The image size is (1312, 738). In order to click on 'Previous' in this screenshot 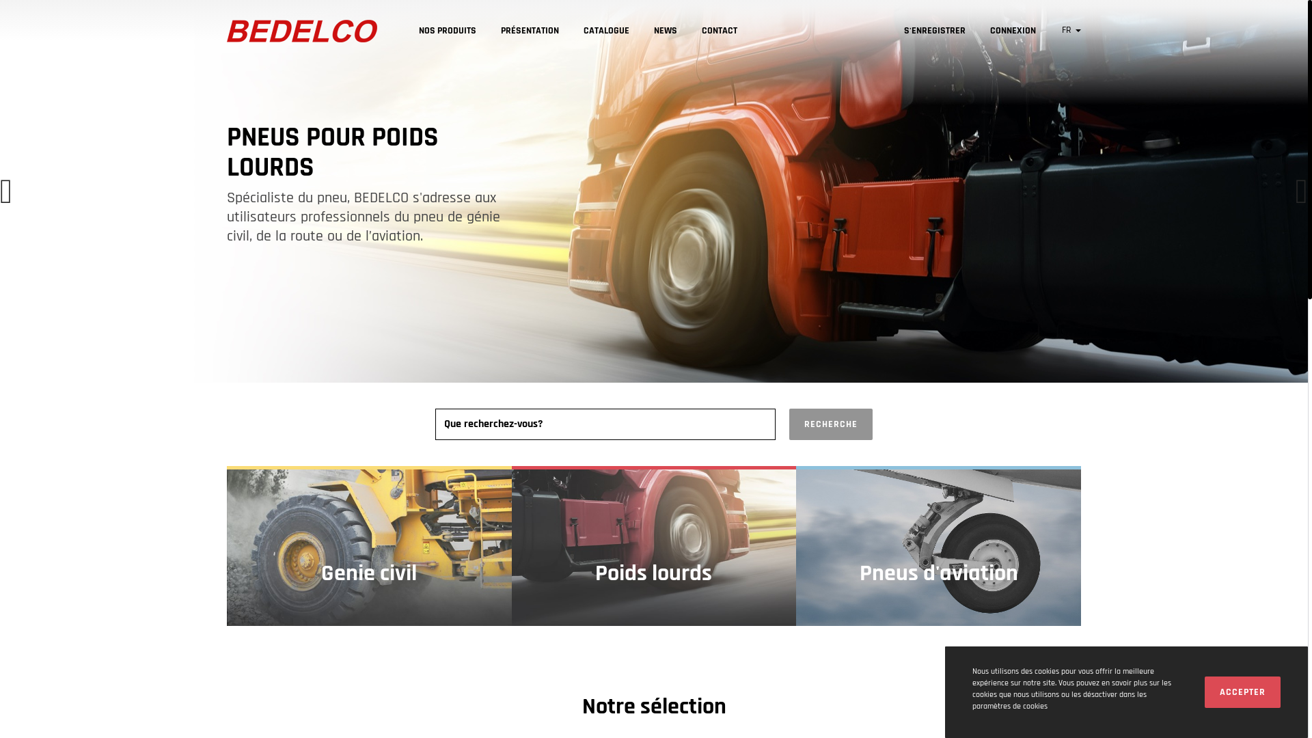, I will do `click(6, 191)`.